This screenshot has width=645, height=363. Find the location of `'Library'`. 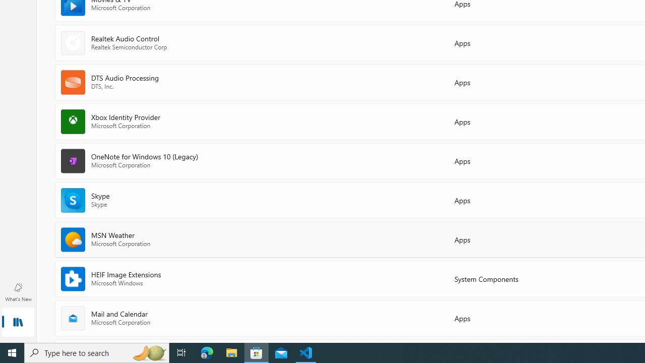

'Library' is located at coordinates (18, 323).